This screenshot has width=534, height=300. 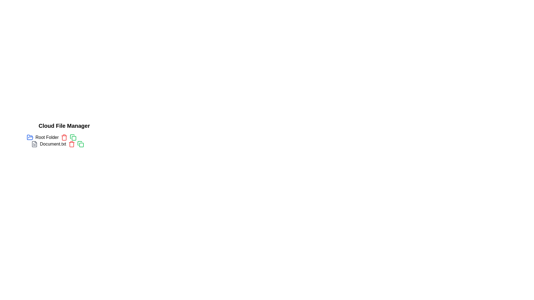 I want to click on the folder icon located to the left of the 'Root Folder' text, so click(x=29, y=137).